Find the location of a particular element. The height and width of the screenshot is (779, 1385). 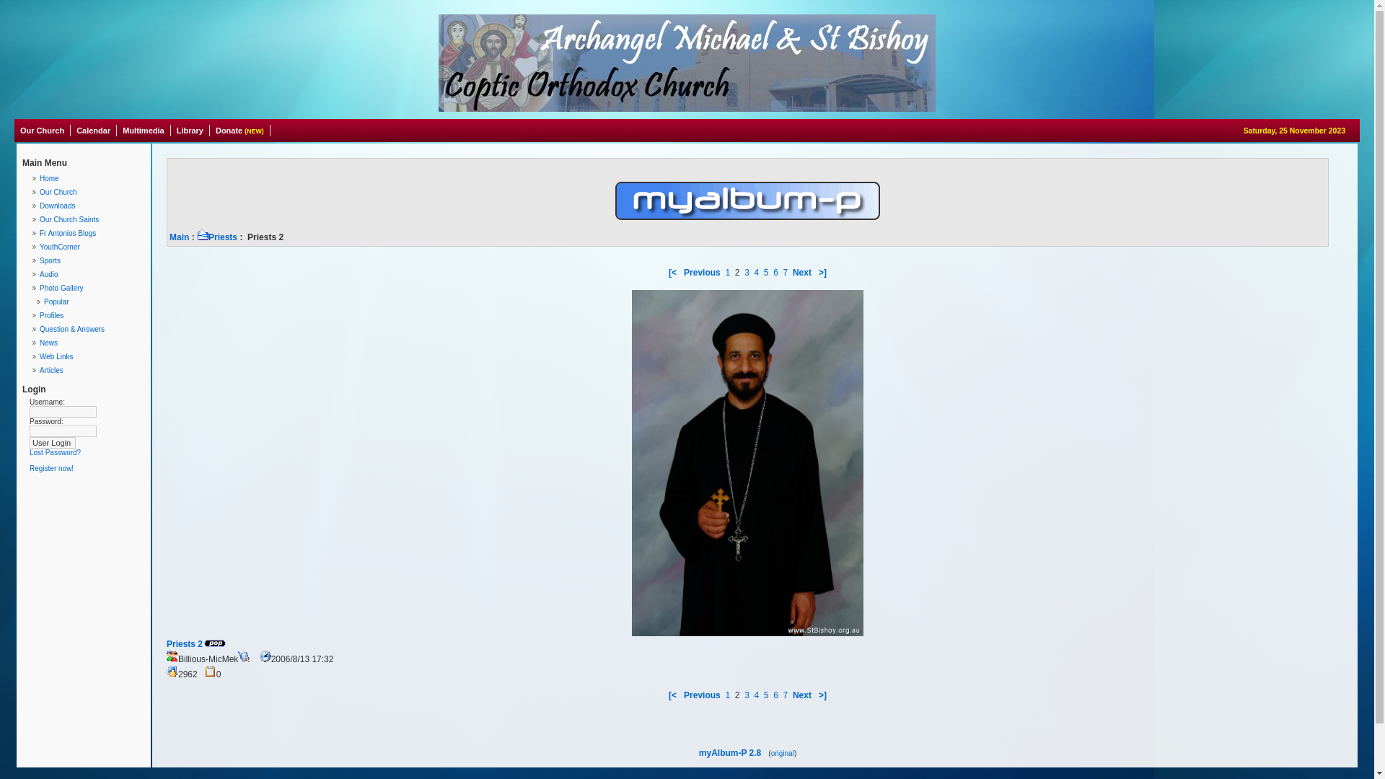

'original' is located at coordinates (781, 752).